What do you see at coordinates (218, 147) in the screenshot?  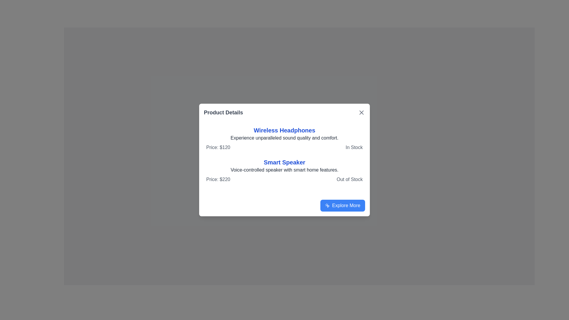 I see `static text label displaying the price '$120' for the product 'Wireless Headphones' located in the product information card` at bounding box center [218, 147].